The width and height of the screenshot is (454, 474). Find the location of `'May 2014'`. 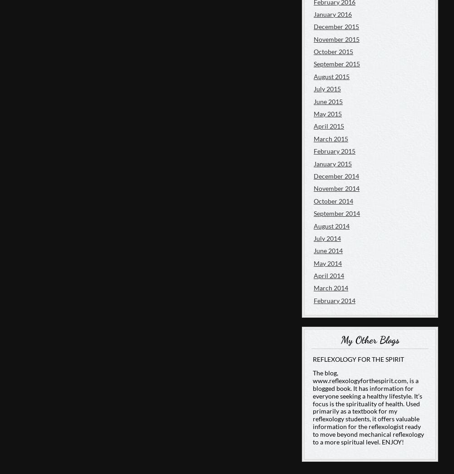

'May 2014' is located at coordinates (327, 263).